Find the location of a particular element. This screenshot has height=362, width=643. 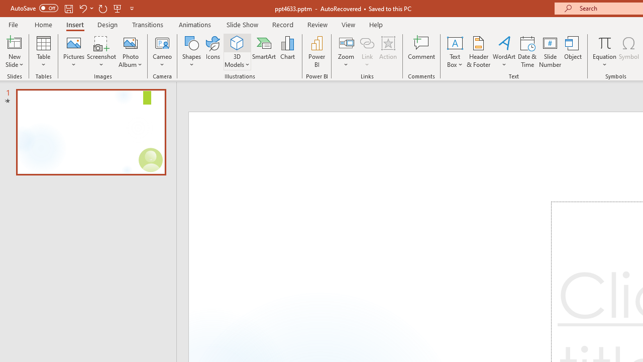

'WordArt' is located at coordinates (504, 52).